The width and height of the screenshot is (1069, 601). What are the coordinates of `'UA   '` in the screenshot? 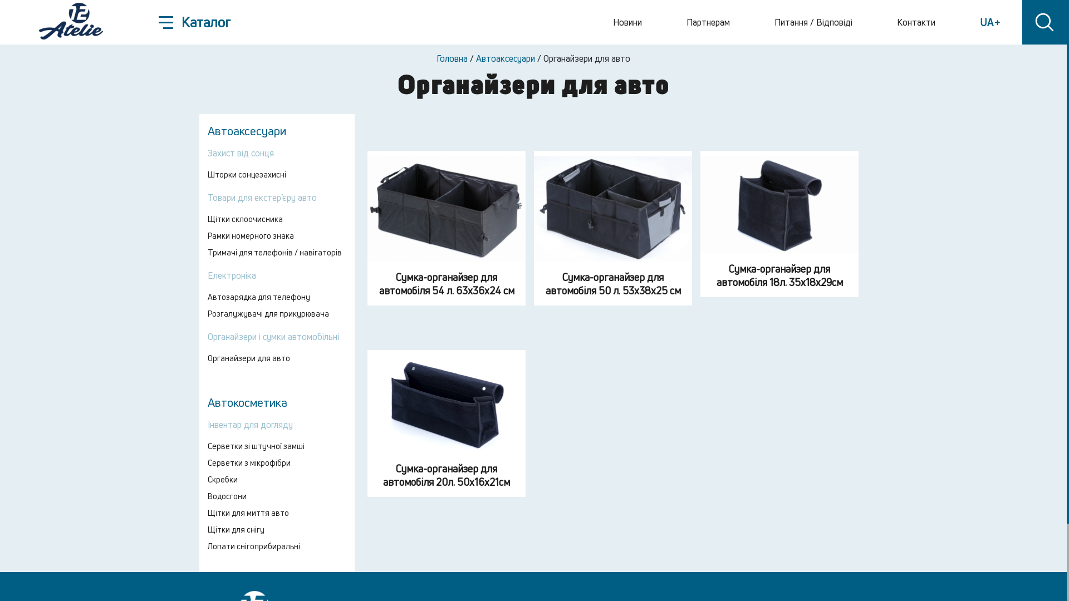 It's located at (989, 22).